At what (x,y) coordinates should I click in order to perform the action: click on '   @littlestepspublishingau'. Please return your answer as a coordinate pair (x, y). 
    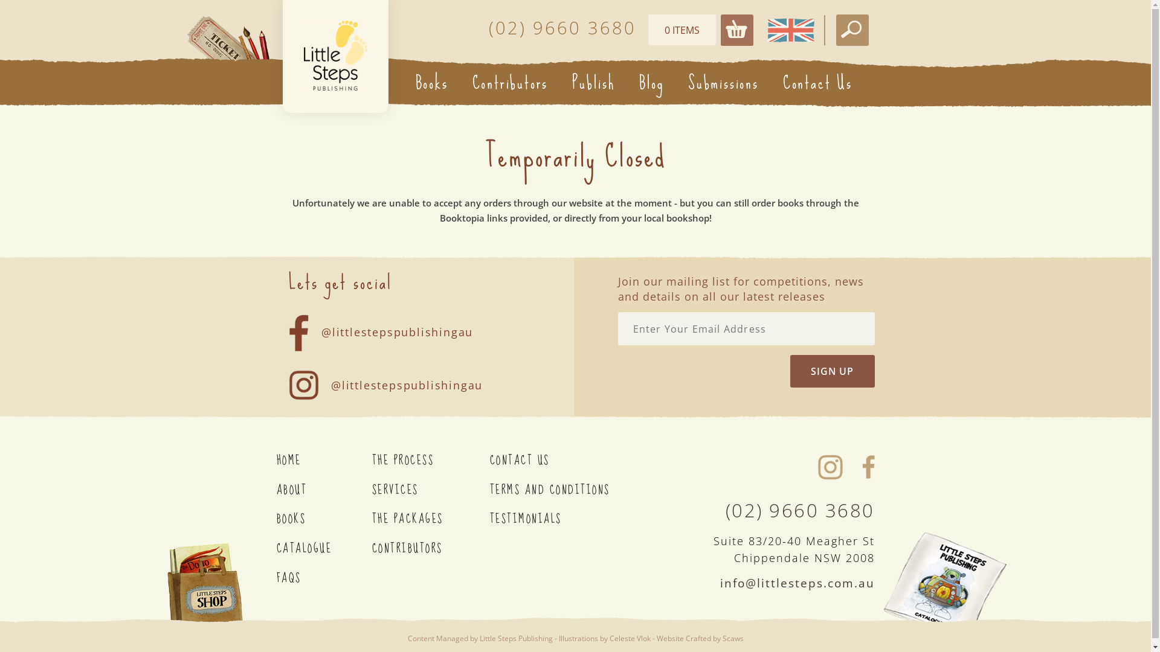
    Looking at the image, I should click on (391, 322).